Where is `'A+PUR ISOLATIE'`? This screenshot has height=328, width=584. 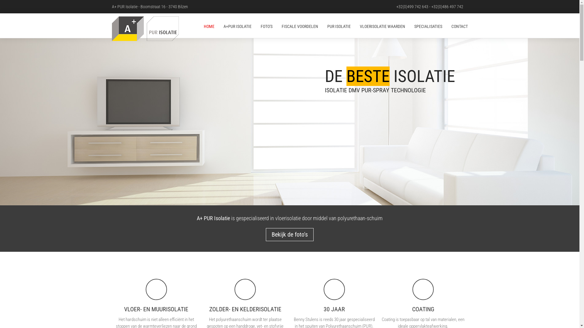
'A+PUR ISOLATIE' is located at coordinates (237, 25).